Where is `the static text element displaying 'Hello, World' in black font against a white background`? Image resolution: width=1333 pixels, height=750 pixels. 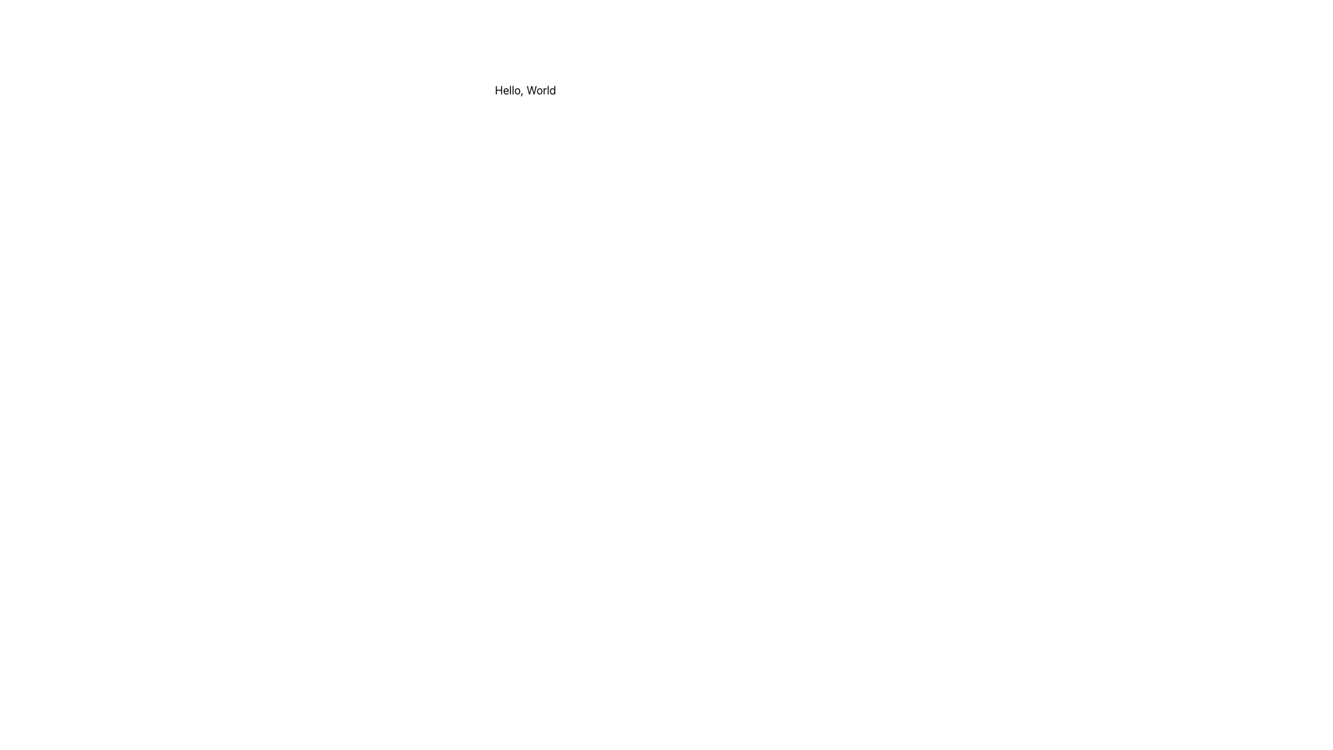
the static text element displaying 'Hello, World' in black font against a white background is located at coordinates (525, 90).